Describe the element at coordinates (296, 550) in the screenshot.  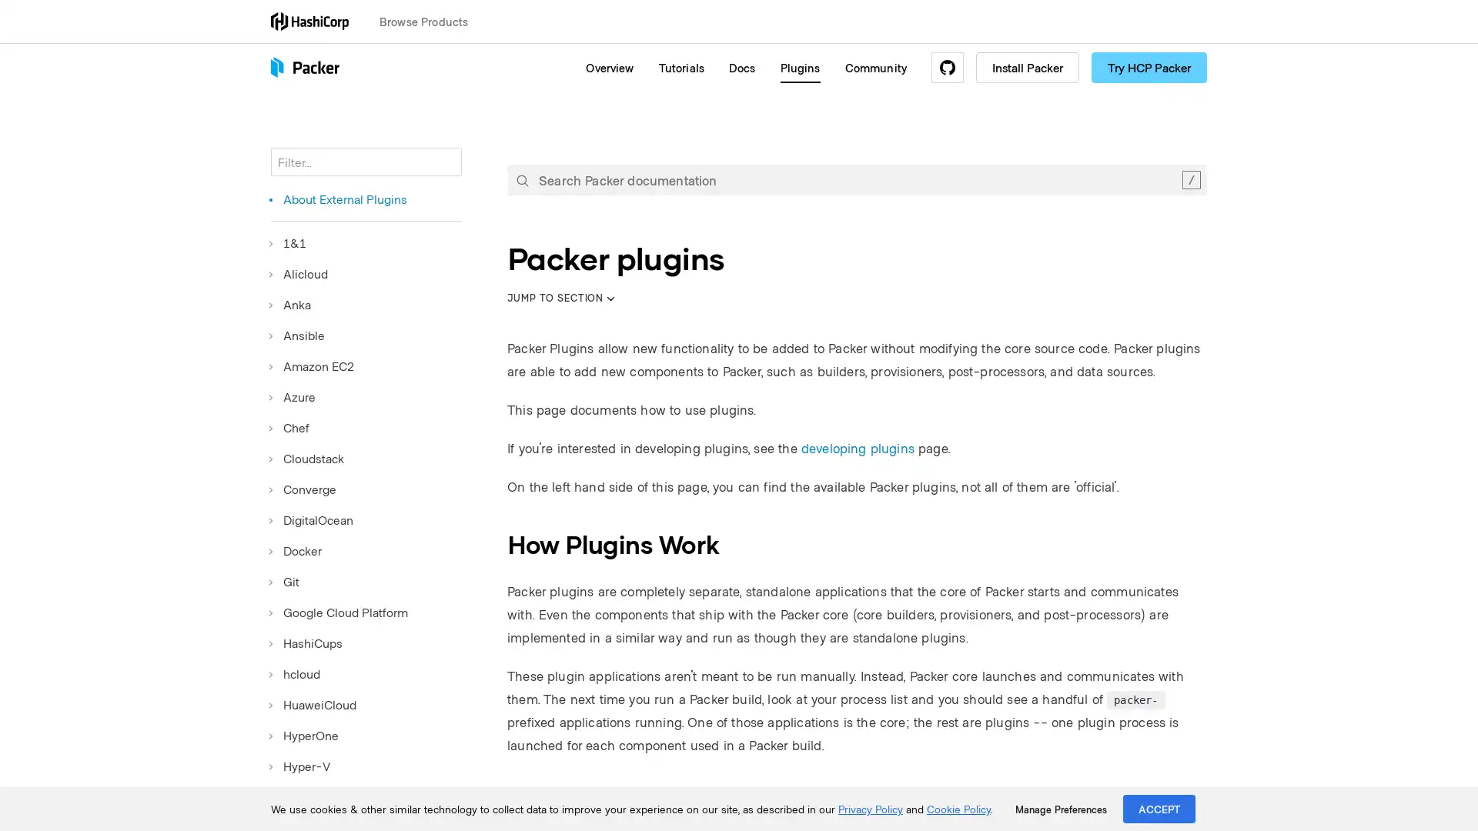
I see `Docker` at that location.